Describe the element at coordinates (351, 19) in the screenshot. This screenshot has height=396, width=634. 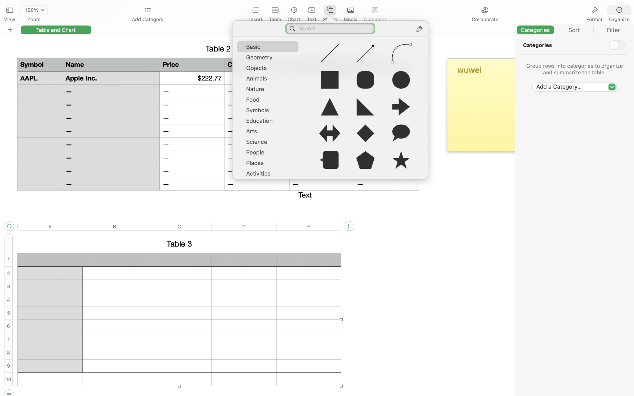
I see `'Media'` at that location.